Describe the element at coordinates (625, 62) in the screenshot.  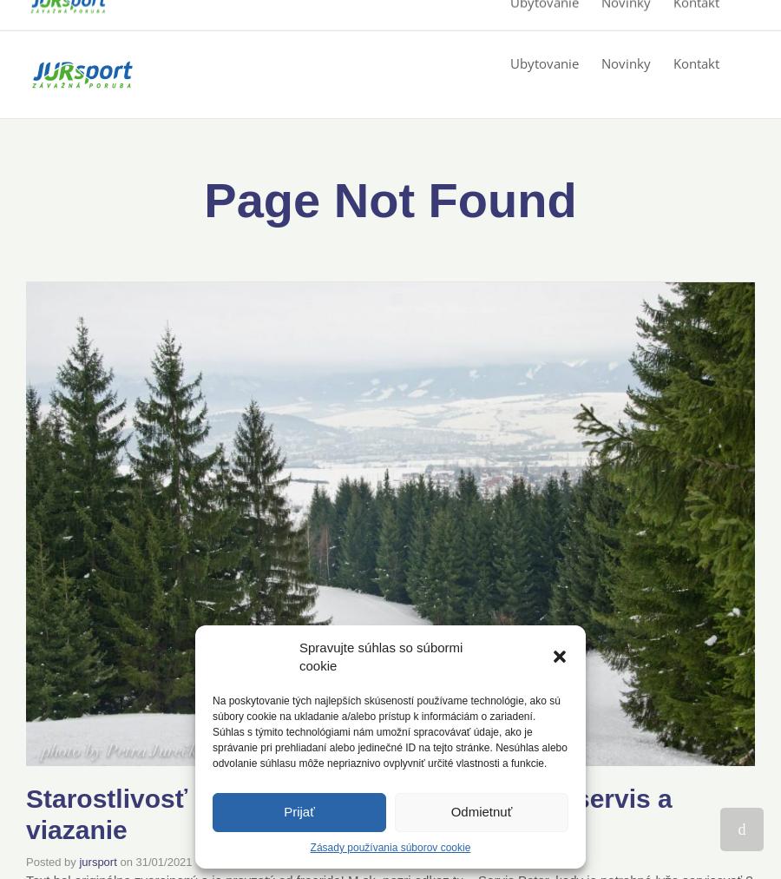
I see `'Novinky'` at that location.